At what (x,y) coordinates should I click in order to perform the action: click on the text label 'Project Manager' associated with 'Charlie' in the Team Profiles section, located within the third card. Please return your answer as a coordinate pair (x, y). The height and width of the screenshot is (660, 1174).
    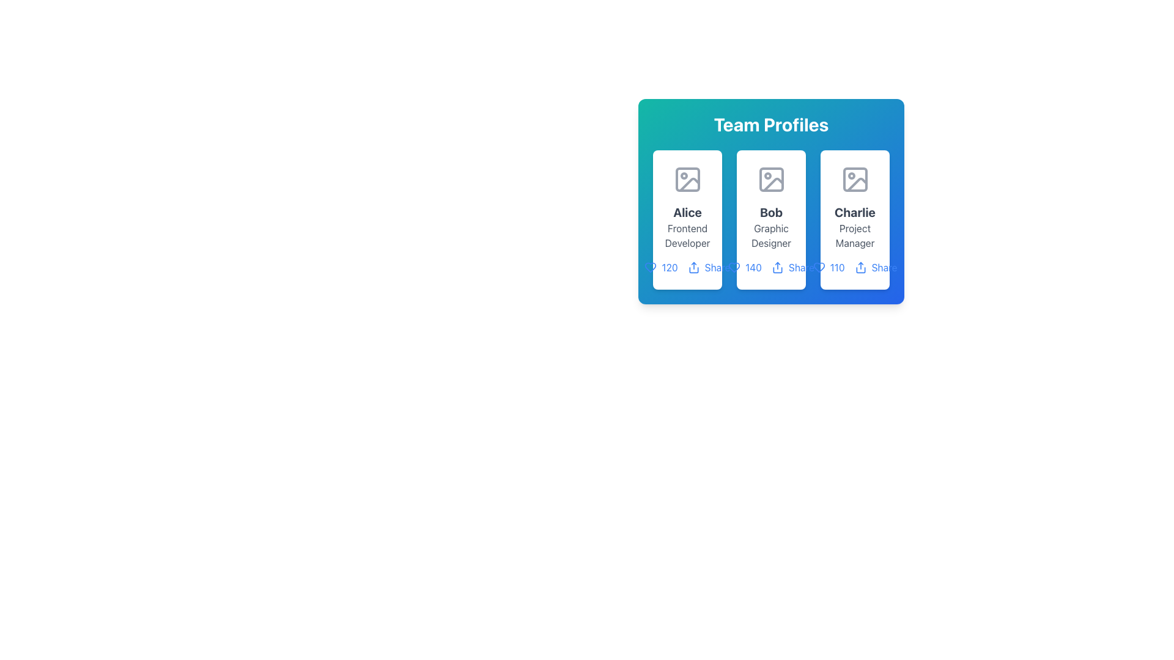
    Looking at the image, I should click on (854, 235).